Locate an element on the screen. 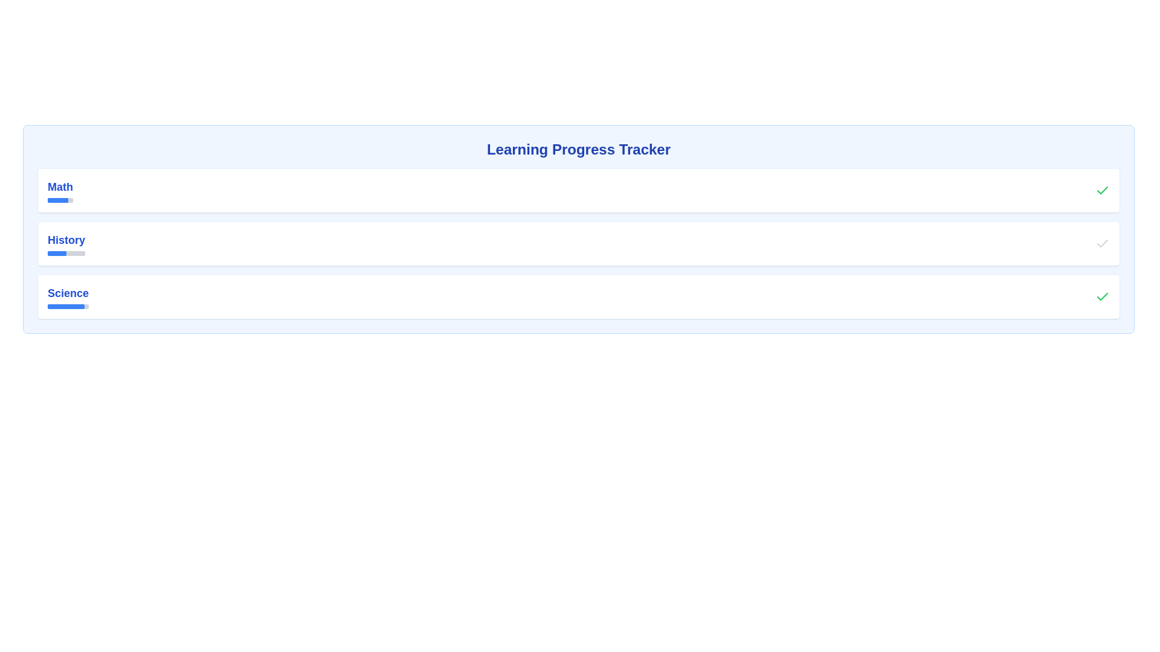 Image resolution: width=1160 pixels, height=652 pixels. the green checkmark SVG icon located to the far right of the 'Science' list item, indicating completion is located at coordinates (1102, 297).